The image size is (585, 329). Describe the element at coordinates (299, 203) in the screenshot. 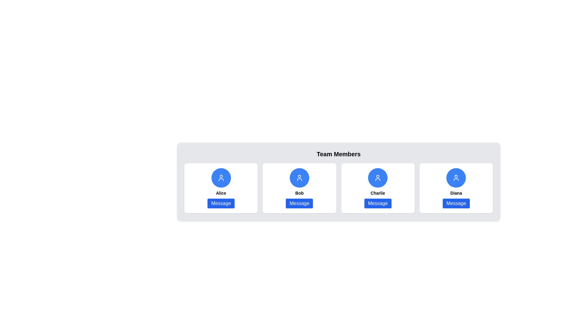

I see `the 'Send Message to Bob' button to observe its hover effect` at that location.